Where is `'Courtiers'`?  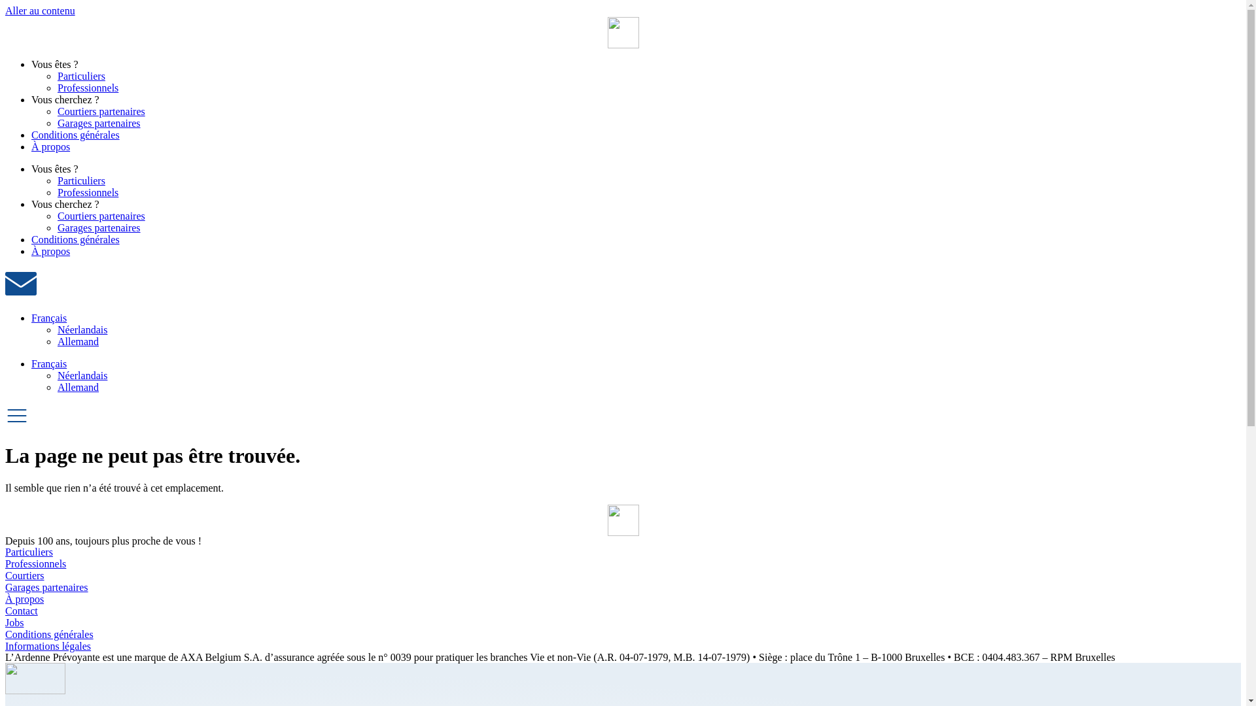
'Courtiers' is located at coordinates (622, 575).